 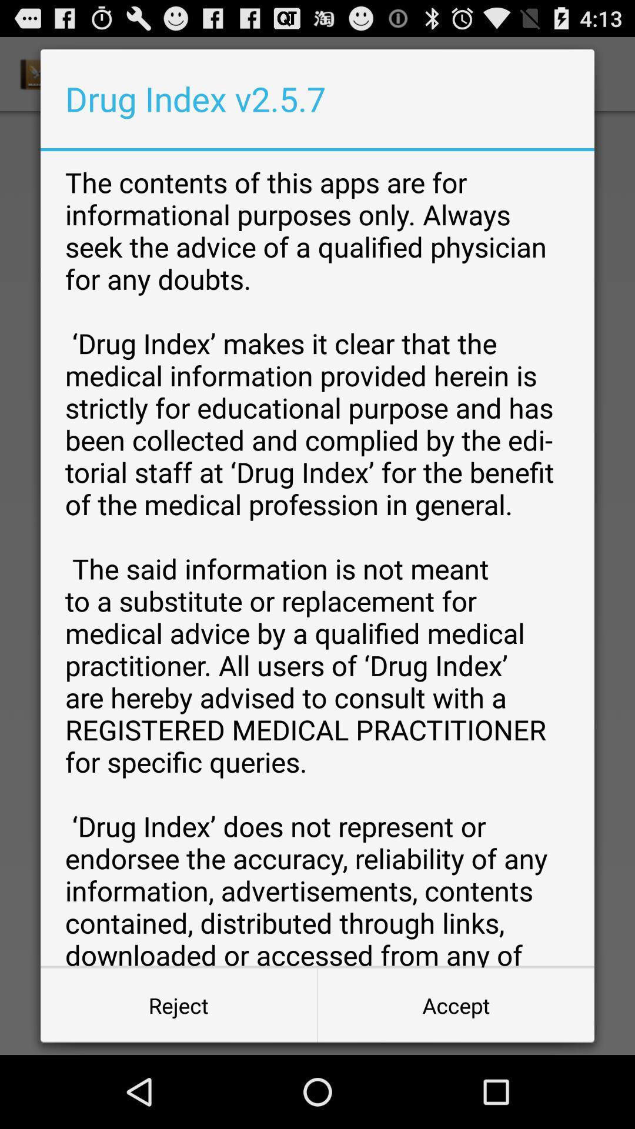 What do you see at coordinates (455, 1004) in the screenshot?
I see `the button to the right of reject icon` at bounding box center [455, 1004].